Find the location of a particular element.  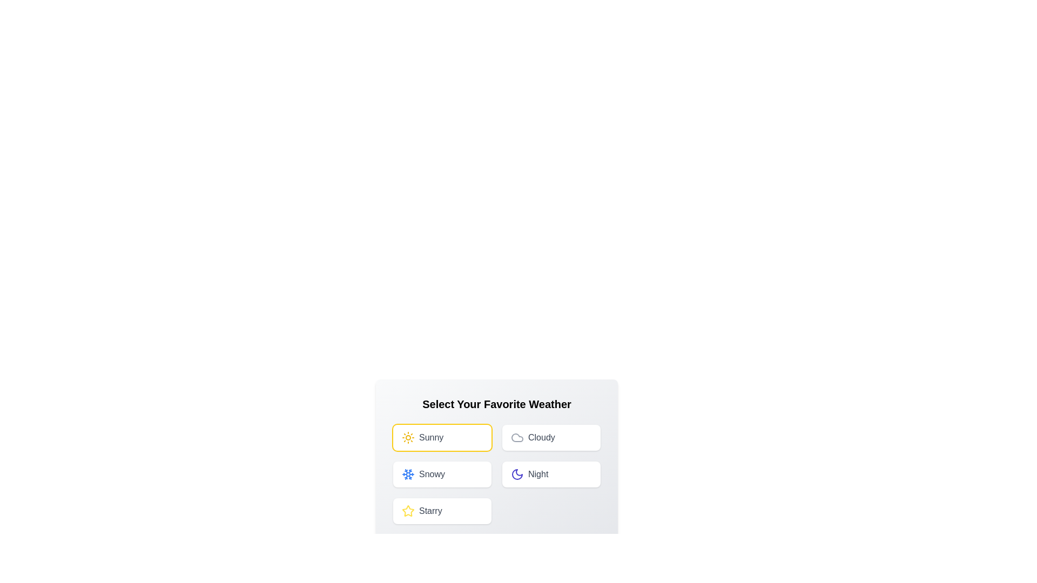

the 'Snowy' weather preference selectable option located in the second row, first column of the grid layout is located at coordinates (442, 474).